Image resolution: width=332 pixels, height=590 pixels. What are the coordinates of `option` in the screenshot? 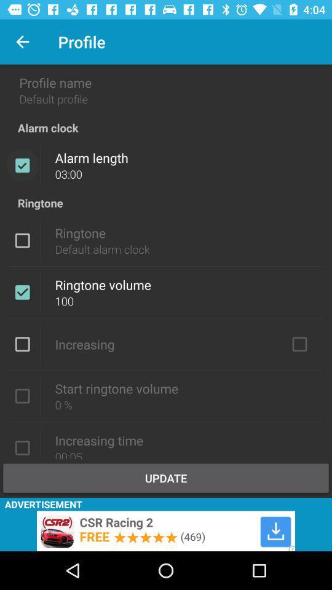 It's located at (22, 344).